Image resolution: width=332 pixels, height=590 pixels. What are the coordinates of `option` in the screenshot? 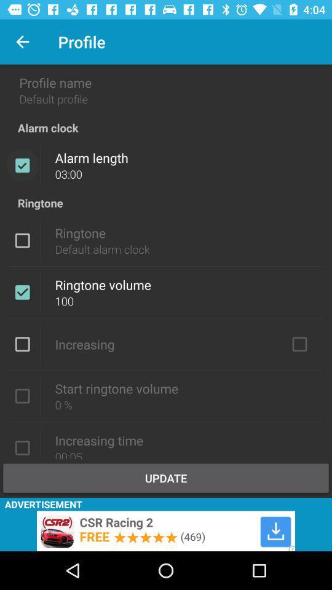 It's located at (22, 344).